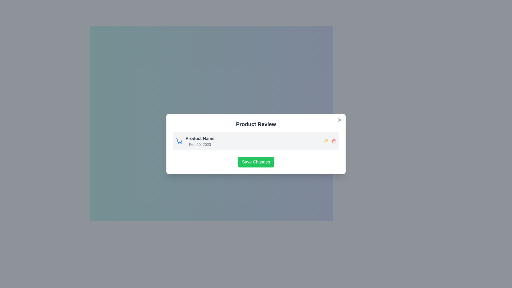 The width and height of the screenshot is (512, 288). I want to click on text from the Text block displaying 'Product Name' in bold and 'Feb 20, 2023' in smaller gray font, located in the upper-left portion of a rounded gray background box, so click(200, 141).